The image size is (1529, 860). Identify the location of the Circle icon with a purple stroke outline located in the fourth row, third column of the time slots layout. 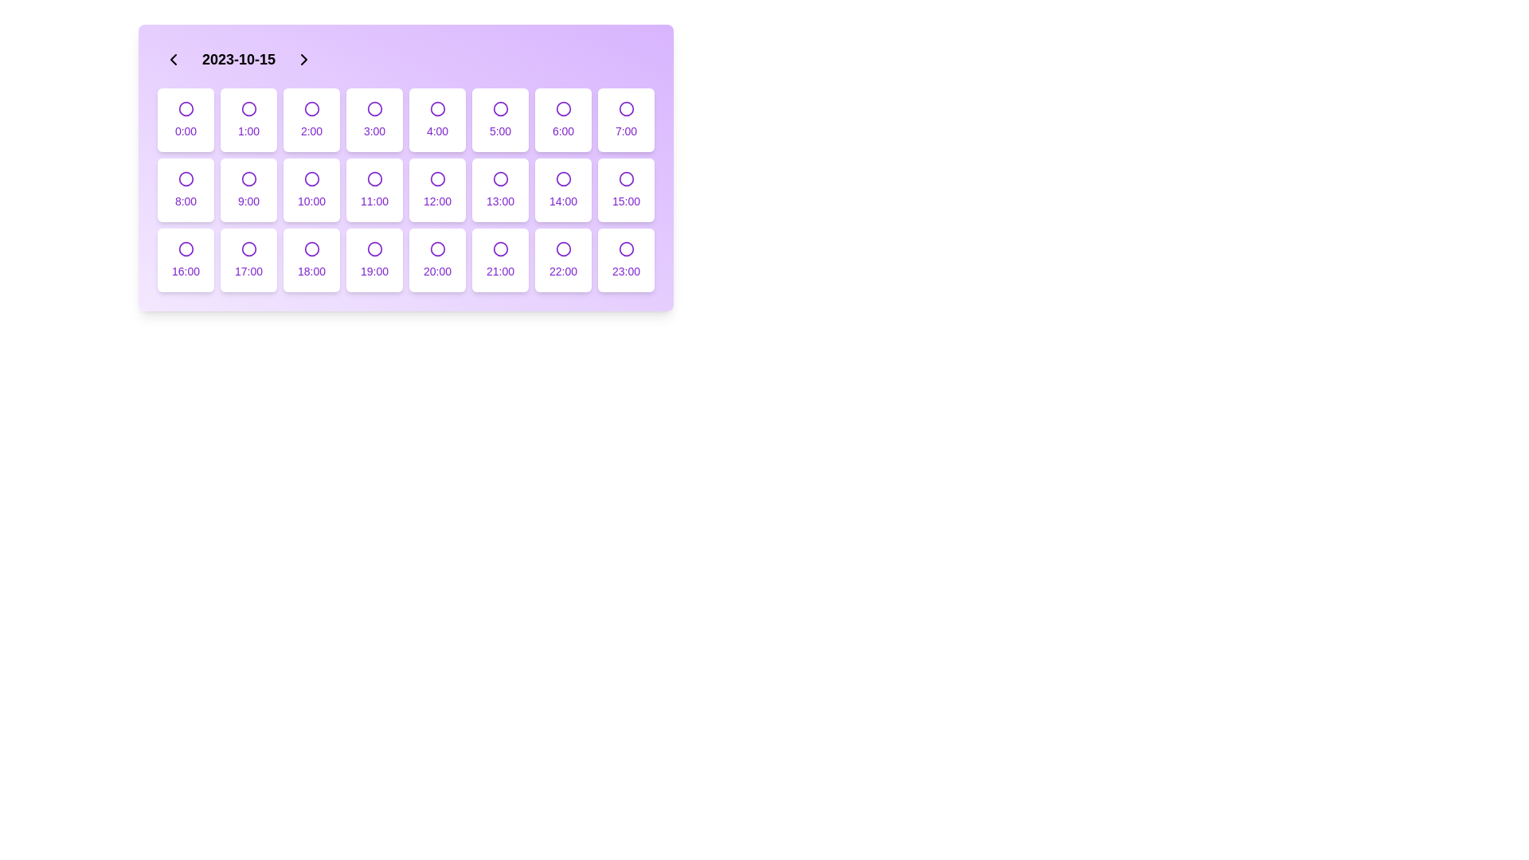
(373, 248).